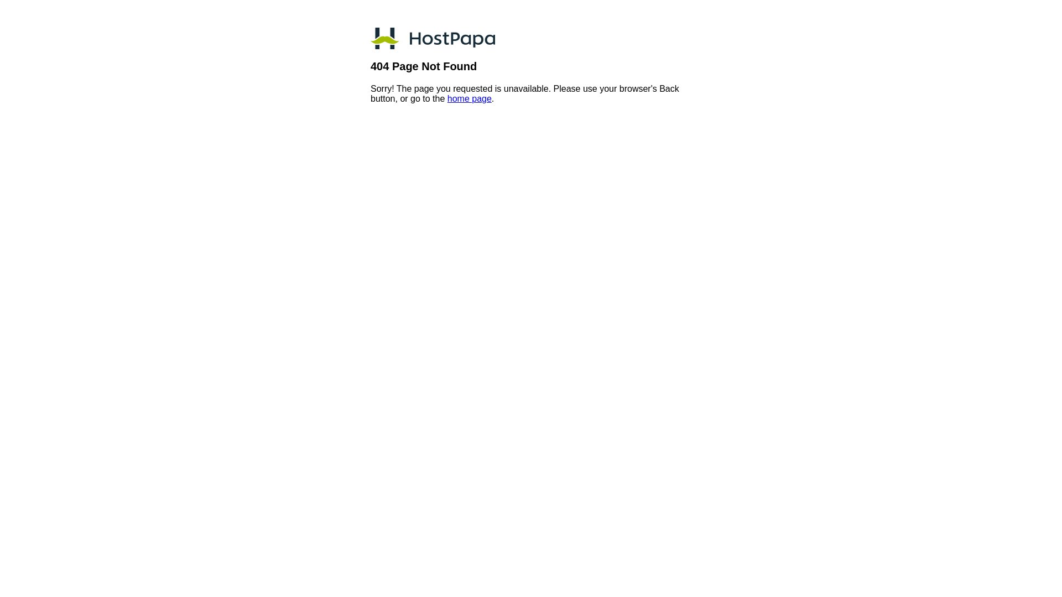 Image resolution: width=1062 pixels, height=597 pixels. I want to click on 'home page', so click(470, 98).